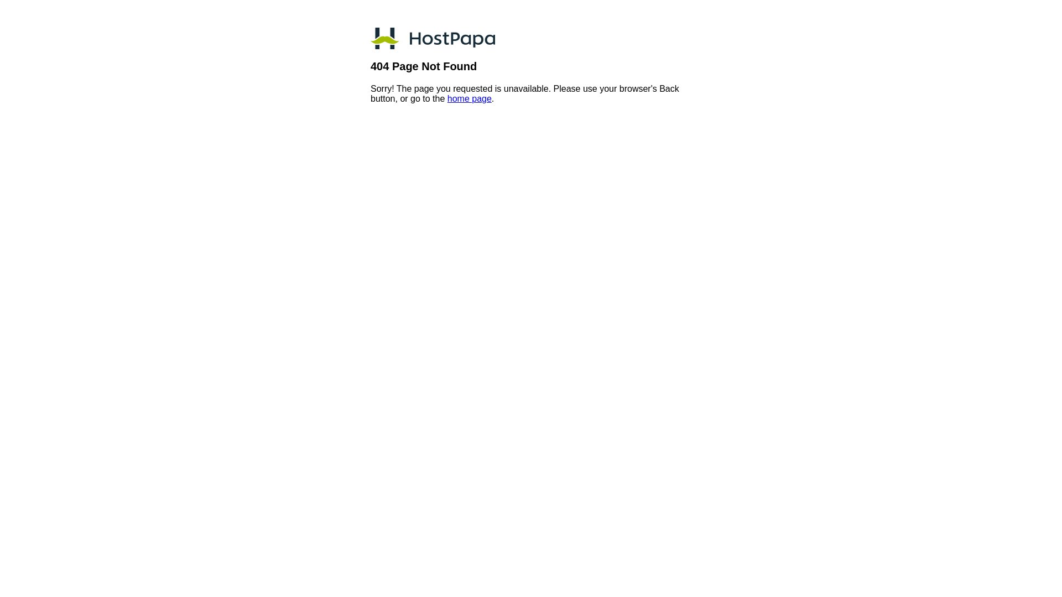 Image resolution: width=1062 pixels, height=597 pixels. I want to click on 'home page', so click(470, 98).